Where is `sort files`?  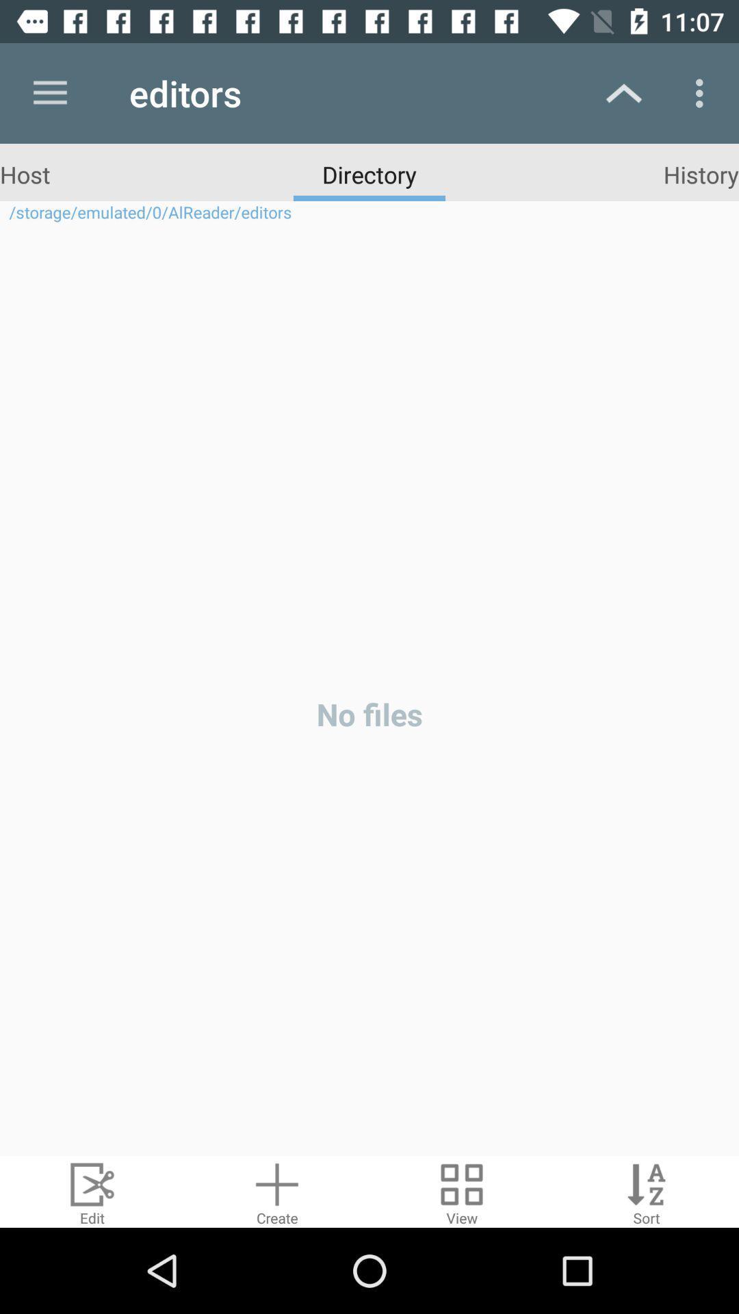
sort files is located at coordinates (647, 1191).